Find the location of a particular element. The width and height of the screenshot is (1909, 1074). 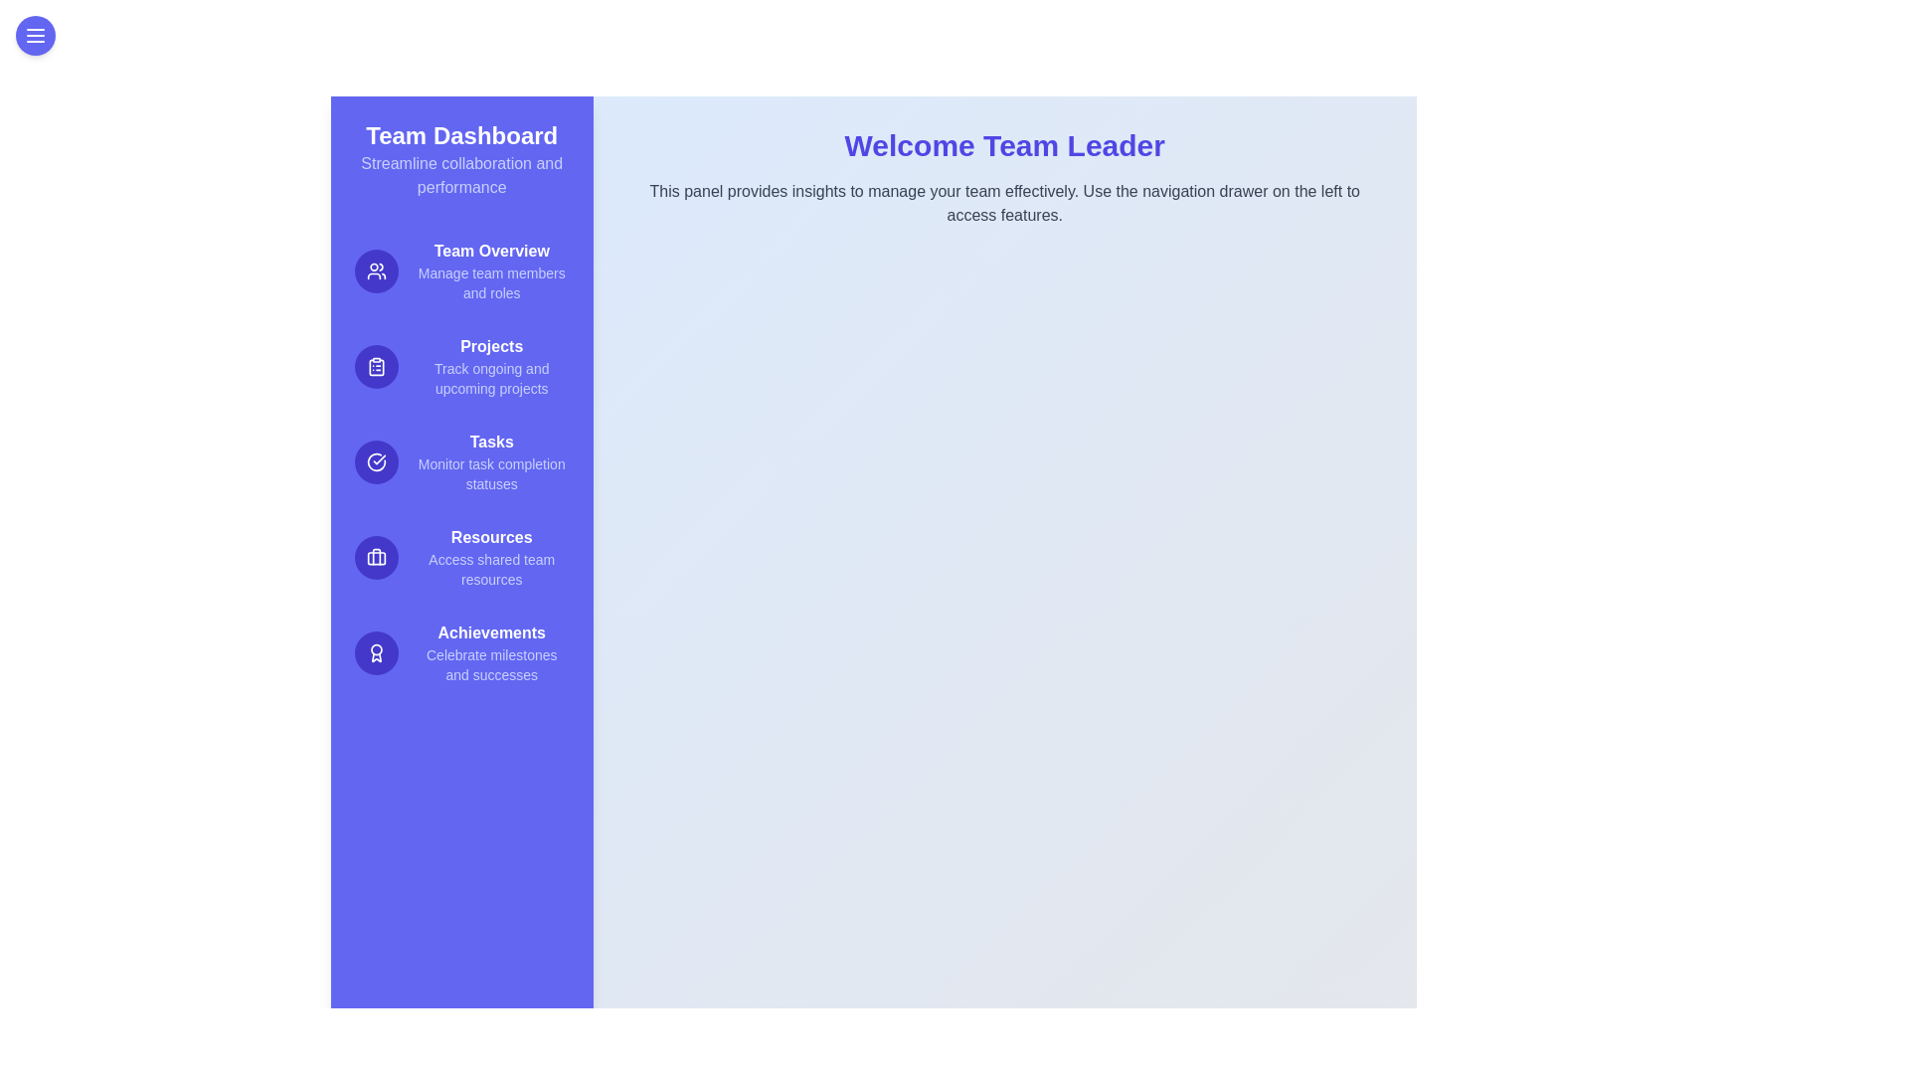

the menu item Tasks to see its hover effect is located at coordinates (460, 462).